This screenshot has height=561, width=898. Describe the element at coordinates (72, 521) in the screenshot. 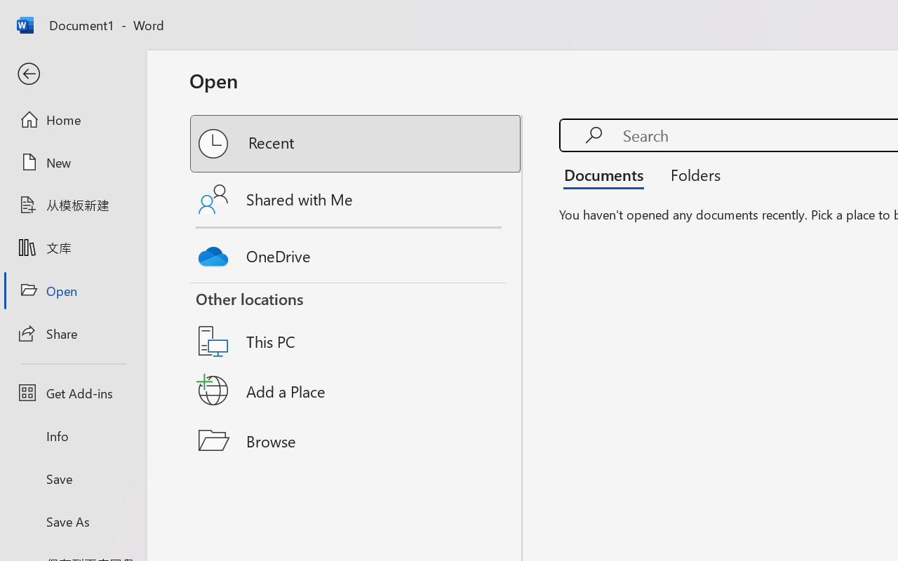

I see `'Save As'` at that location.